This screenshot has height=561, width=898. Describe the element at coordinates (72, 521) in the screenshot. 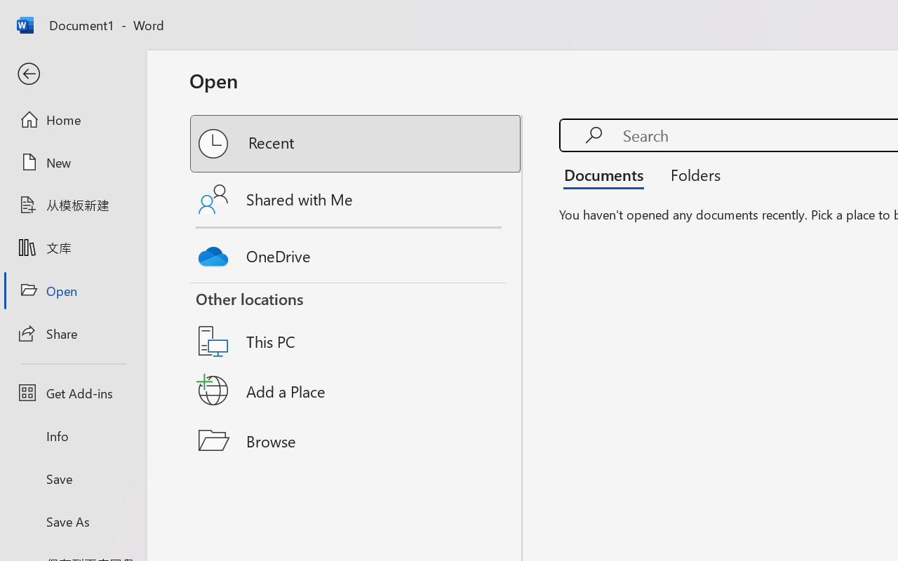

I see `'Save As'` at that location.